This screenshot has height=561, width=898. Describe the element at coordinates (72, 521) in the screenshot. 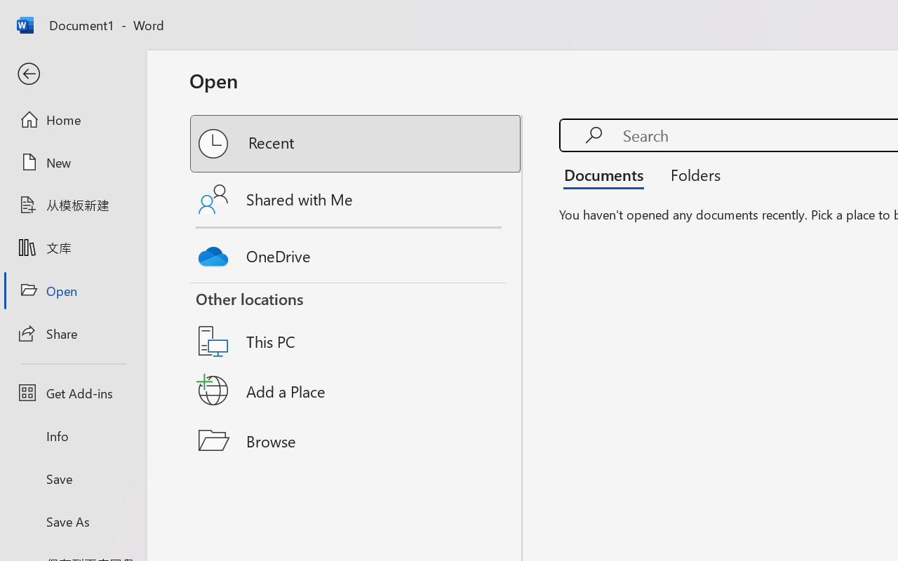

I see `'Save As'` at that location.